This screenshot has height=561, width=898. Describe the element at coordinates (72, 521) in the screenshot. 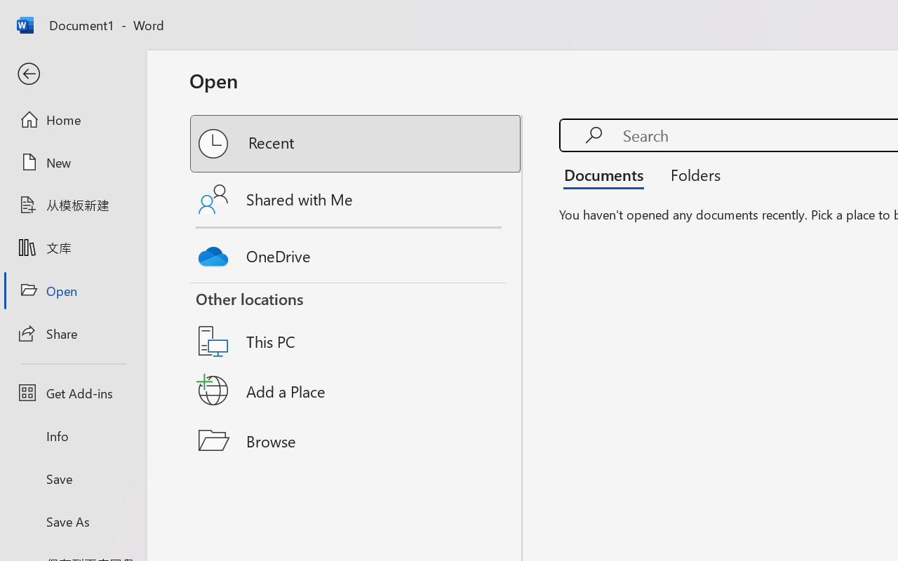

I see `'Save As'` at that location.